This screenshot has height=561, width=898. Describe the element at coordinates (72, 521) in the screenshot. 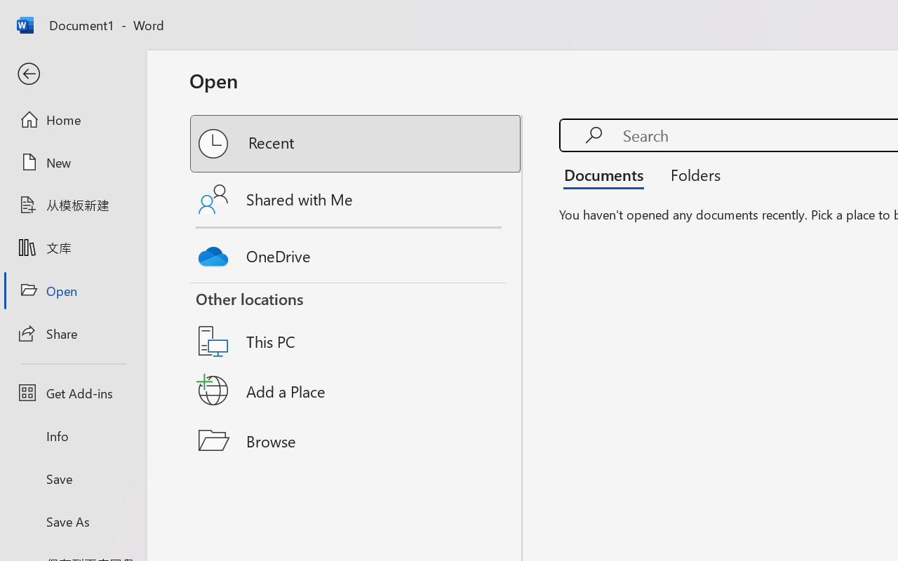

I see `'Save As'` at that location.